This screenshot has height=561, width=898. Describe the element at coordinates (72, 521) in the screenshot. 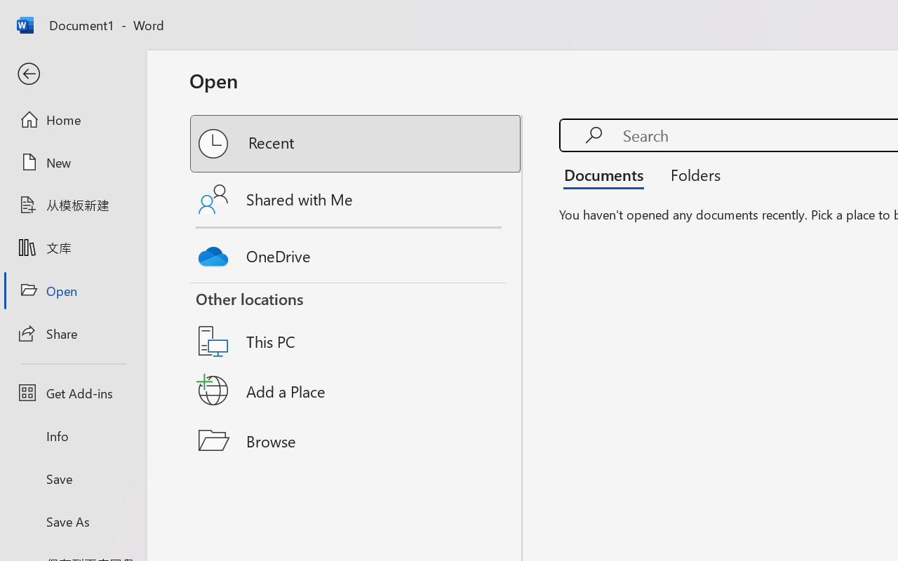

I see `'Save As'` at that location.